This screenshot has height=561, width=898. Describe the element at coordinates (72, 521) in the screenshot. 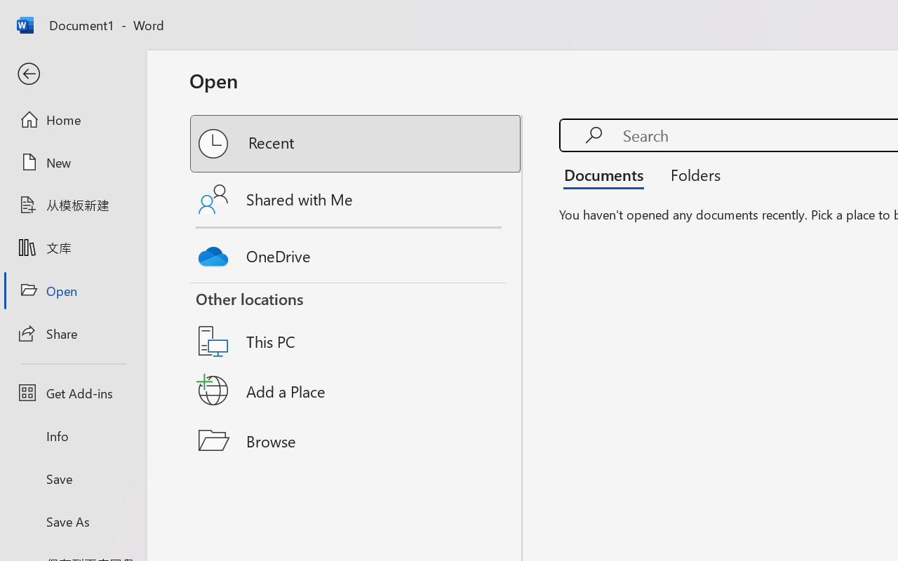

I see `'Save As'` at that location.